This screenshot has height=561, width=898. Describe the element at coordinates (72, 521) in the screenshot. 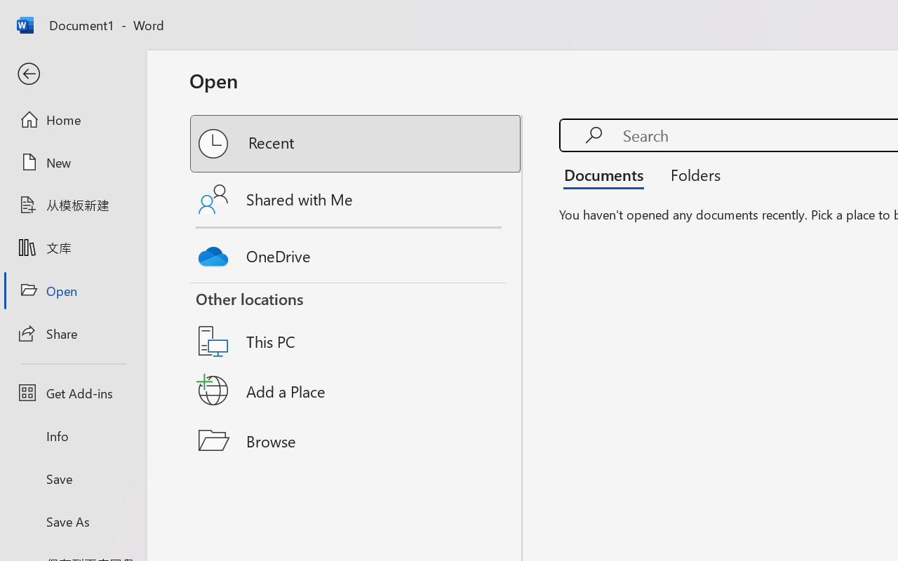

I see `'Save As'` at that location.